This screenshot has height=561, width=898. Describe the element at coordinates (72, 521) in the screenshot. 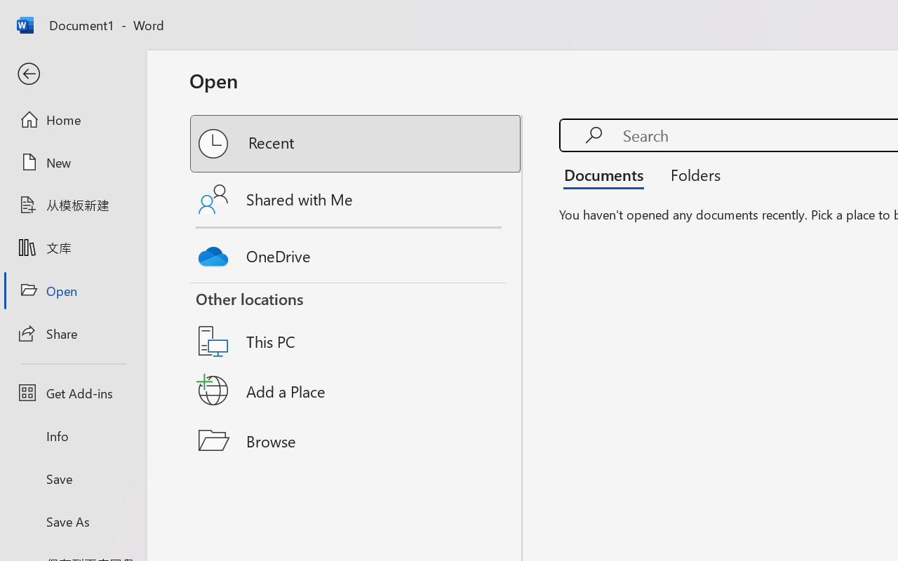

I see `'Save As'` at that location.